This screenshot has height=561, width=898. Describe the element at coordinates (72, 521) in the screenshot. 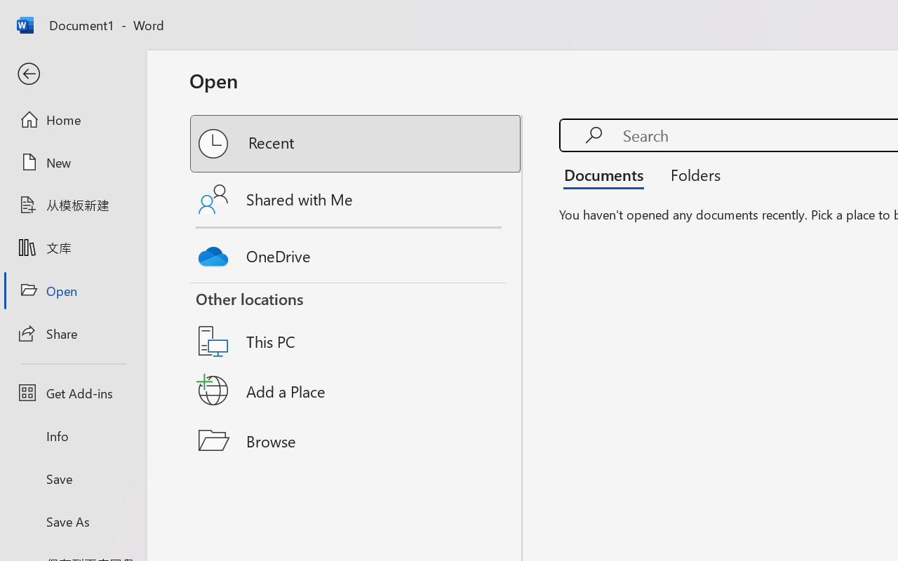

I see `'Save As'` at that location.